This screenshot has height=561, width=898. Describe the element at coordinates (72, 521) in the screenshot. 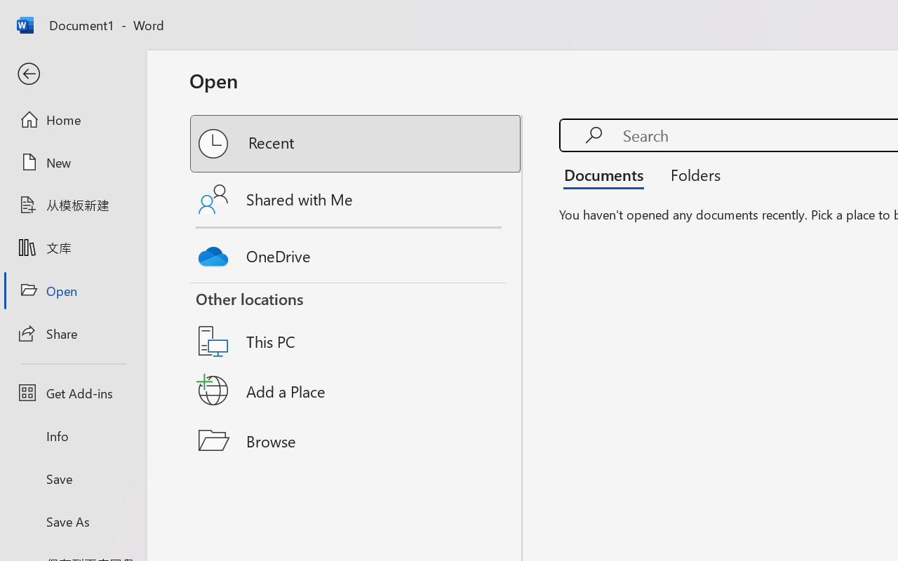

I see `'Save As'` at that location.